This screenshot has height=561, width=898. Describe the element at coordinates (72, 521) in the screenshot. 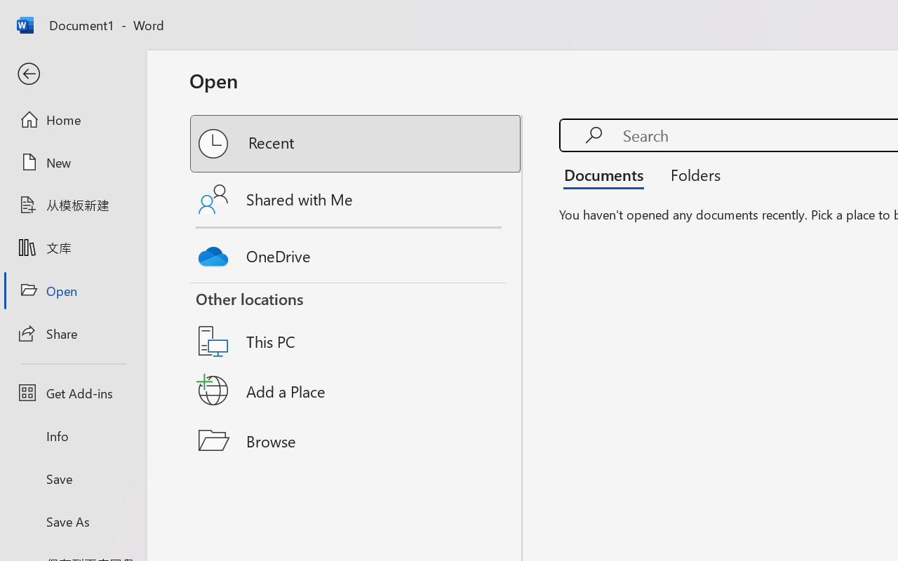

I see `'Save As'` at that location.